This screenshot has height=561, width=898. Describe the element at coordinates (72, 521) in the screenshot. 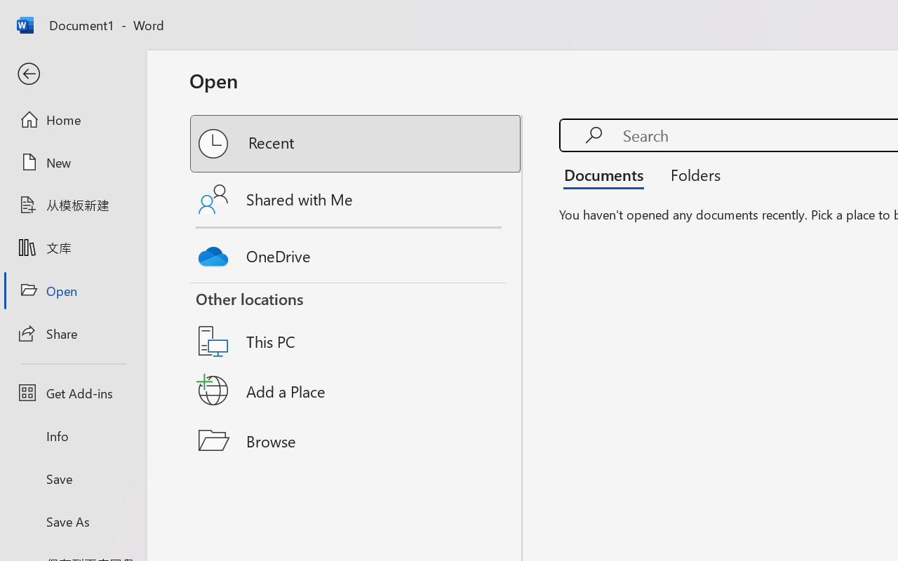

I see `'Save As'` at that location.